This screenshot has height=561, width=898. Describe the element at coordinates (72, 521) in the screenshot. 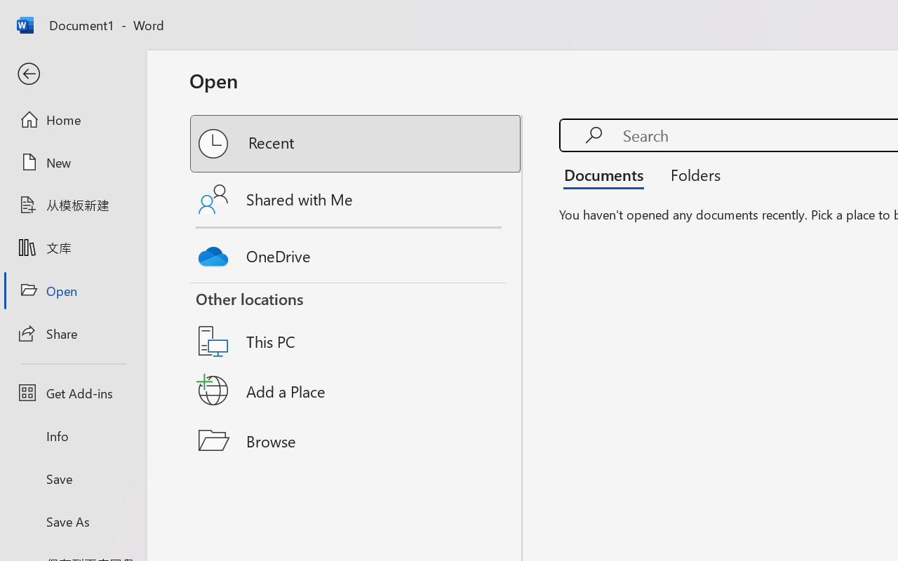

I see `'Save As'` at that location.